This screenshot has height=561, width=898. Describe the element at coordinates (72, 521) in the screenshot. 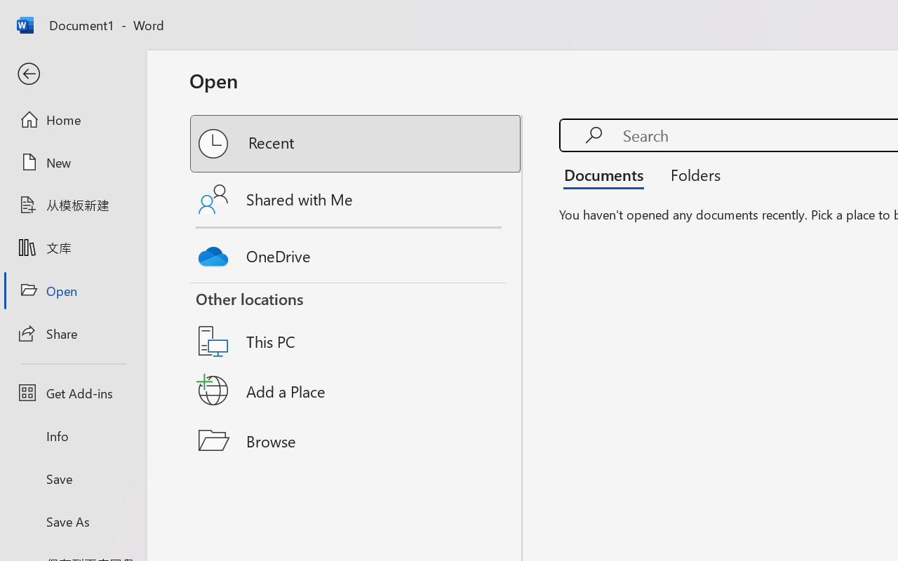

I see `'Save As'` at that location.